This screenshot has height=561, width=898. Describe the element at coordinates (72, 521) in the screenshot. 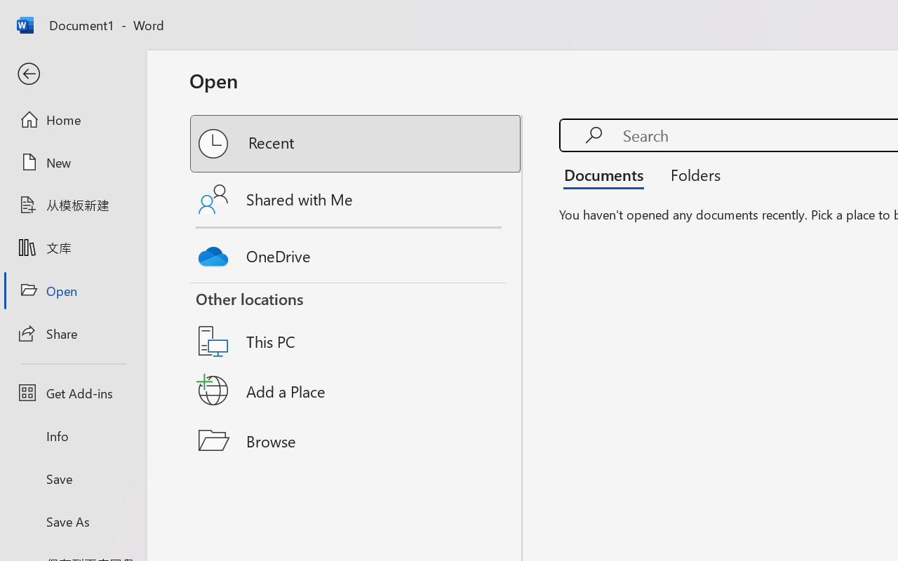

I see `'Save As'` at that location.